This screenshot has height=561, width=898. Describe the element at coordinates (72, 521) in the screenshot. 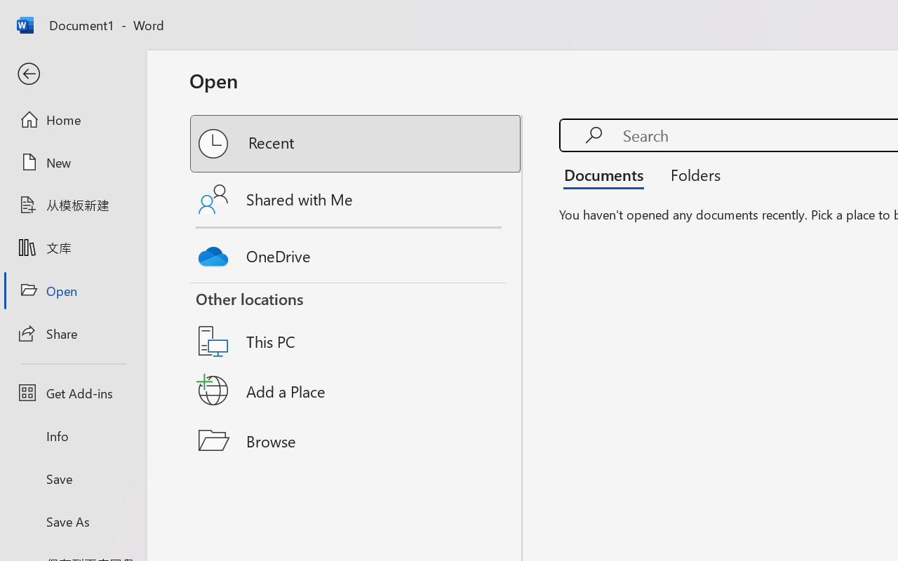

I see `'Save As'` at that location.